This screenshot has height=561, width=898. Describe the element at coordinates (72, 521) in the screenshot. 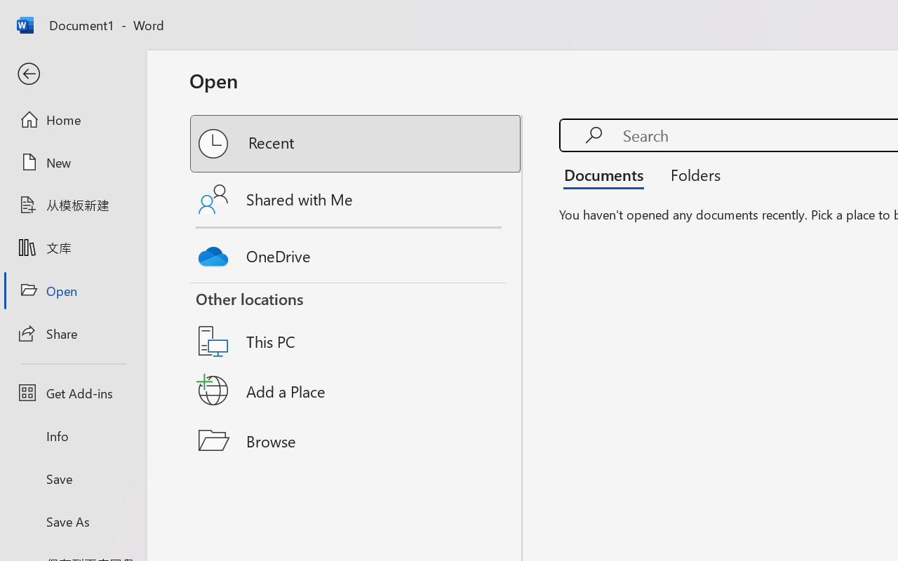

I see `'Save As'` at that location.